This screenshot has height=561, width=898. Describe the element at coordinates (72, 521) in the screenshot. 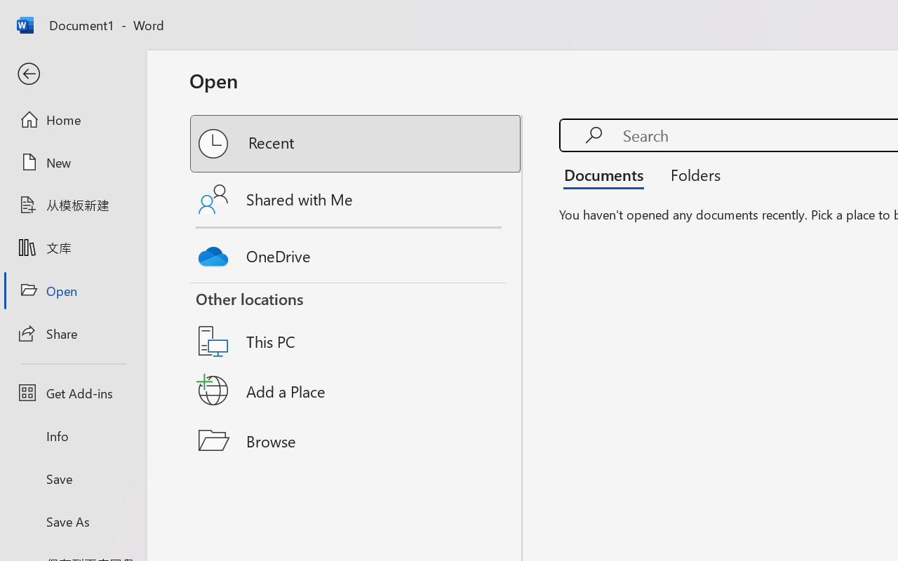

I see `'Save As'` at that location.